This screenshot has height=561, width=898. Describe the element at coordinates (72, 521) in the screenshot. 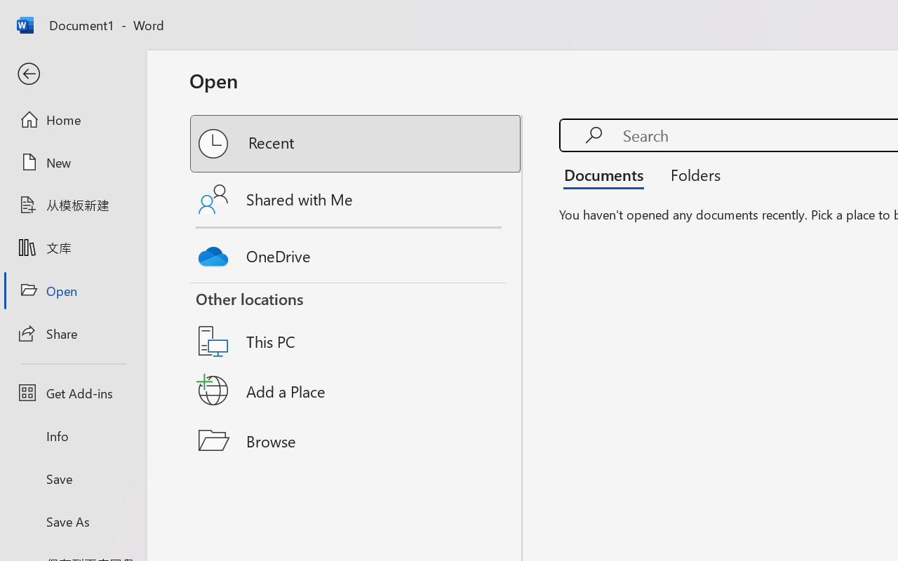

I see `'Save As'` at that location.